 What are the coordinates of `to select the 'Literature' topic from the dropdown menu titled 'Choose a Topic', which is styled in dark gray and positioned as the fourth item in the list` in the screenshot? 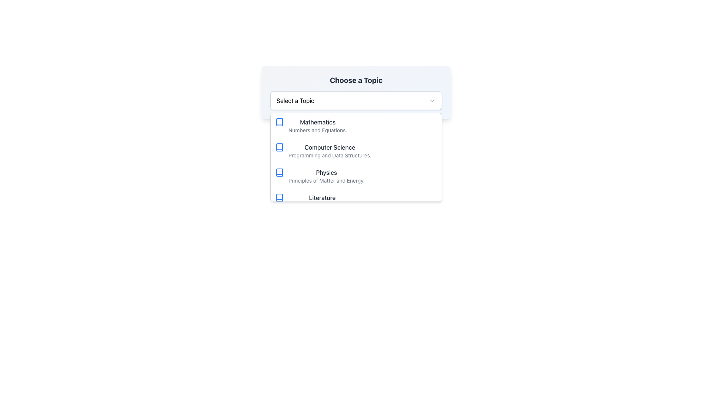 It's located at (322, 197).